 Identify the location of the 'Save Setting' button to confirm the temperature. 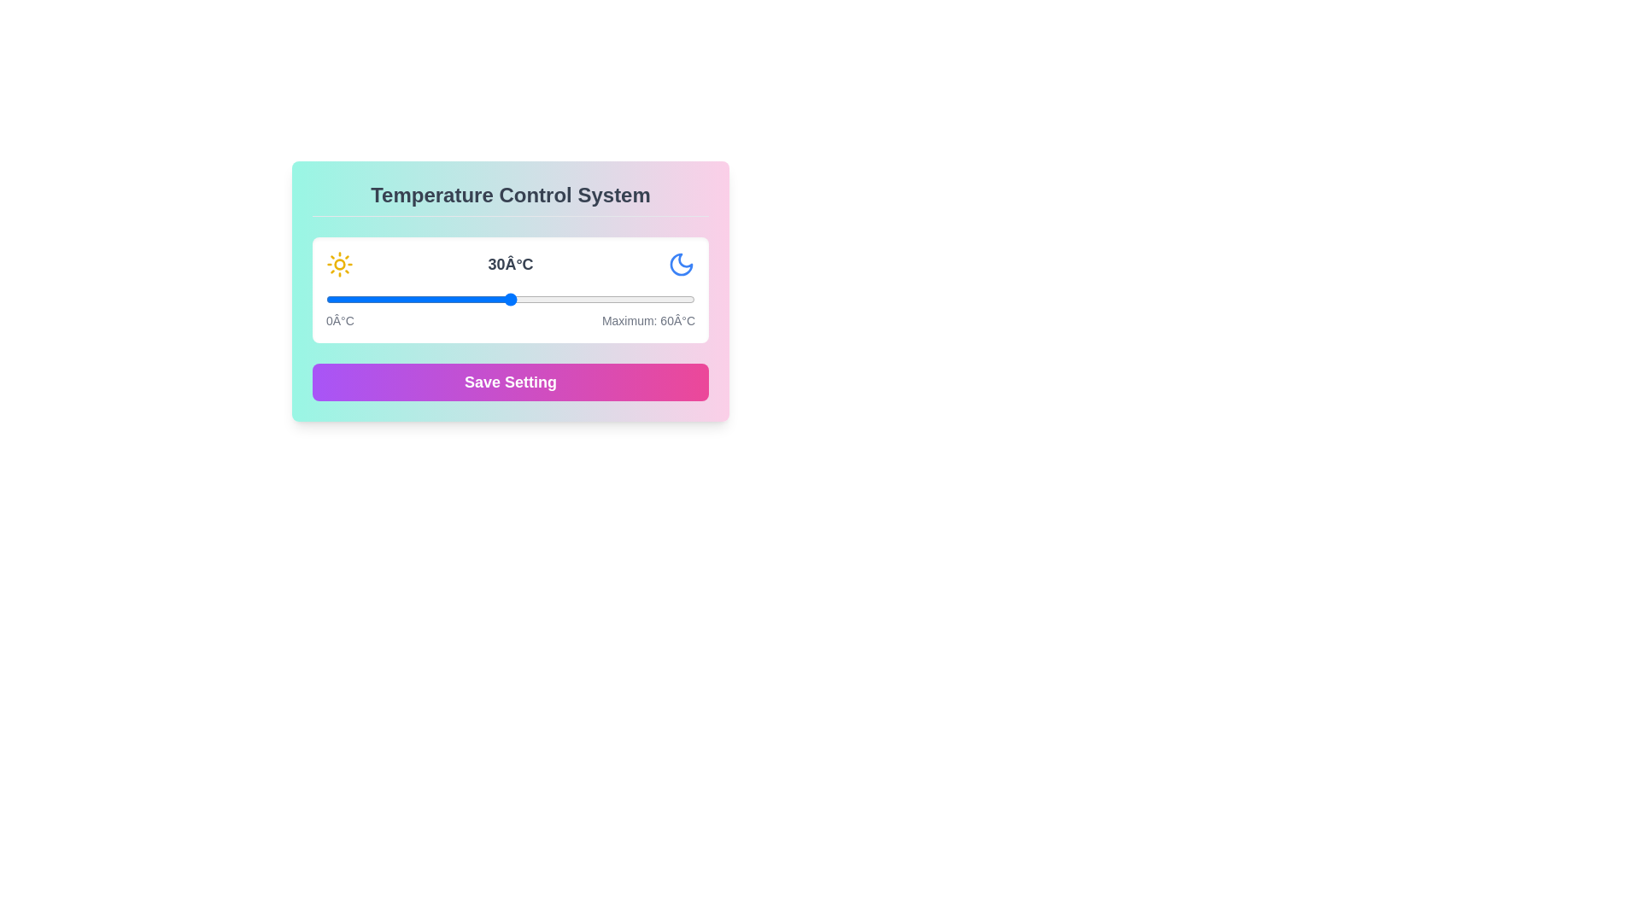
(510, 381).